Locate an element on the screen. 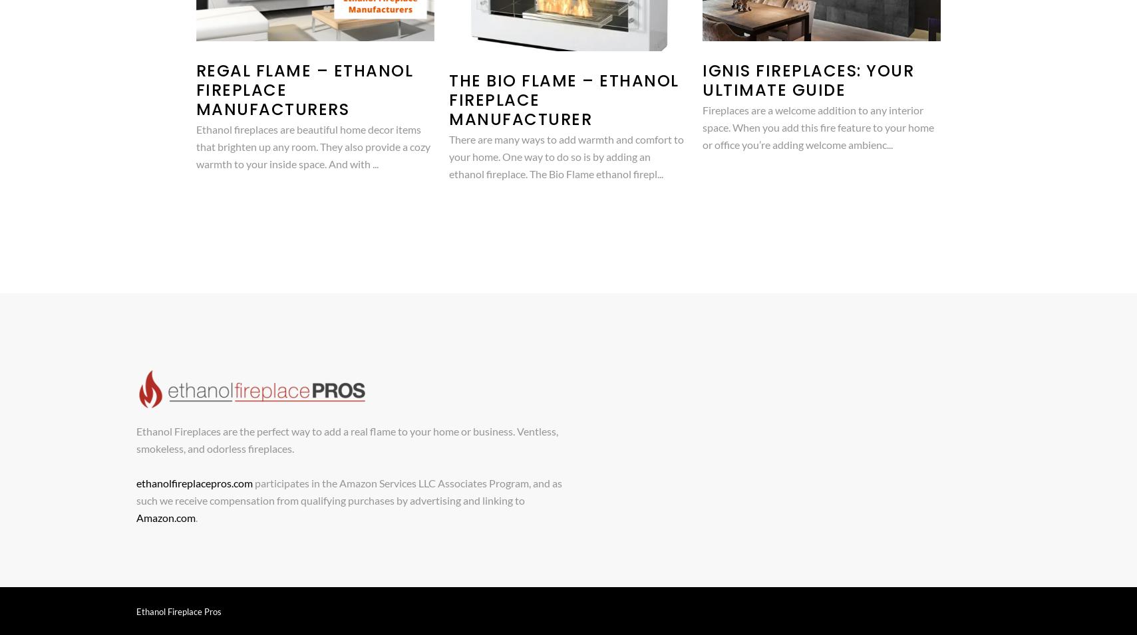 This screenshot has height=635, width=1137. 'Ethanol Fireplaces are the perfect way to add a real flame to your home or business. Ventless, smokeless, and odorless fireplaces.' is located at coordinates (346, 439).